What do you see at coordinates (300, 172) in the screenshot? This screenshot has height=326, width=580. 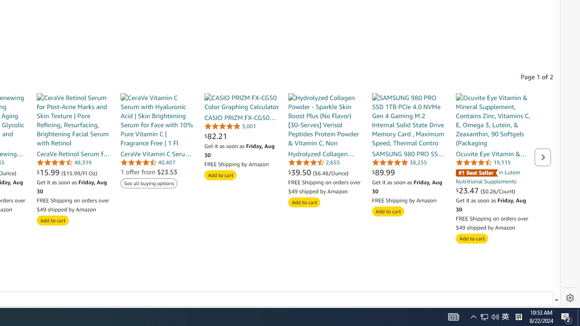 I see `'$39.50 '` at bounding box center [300, 172].